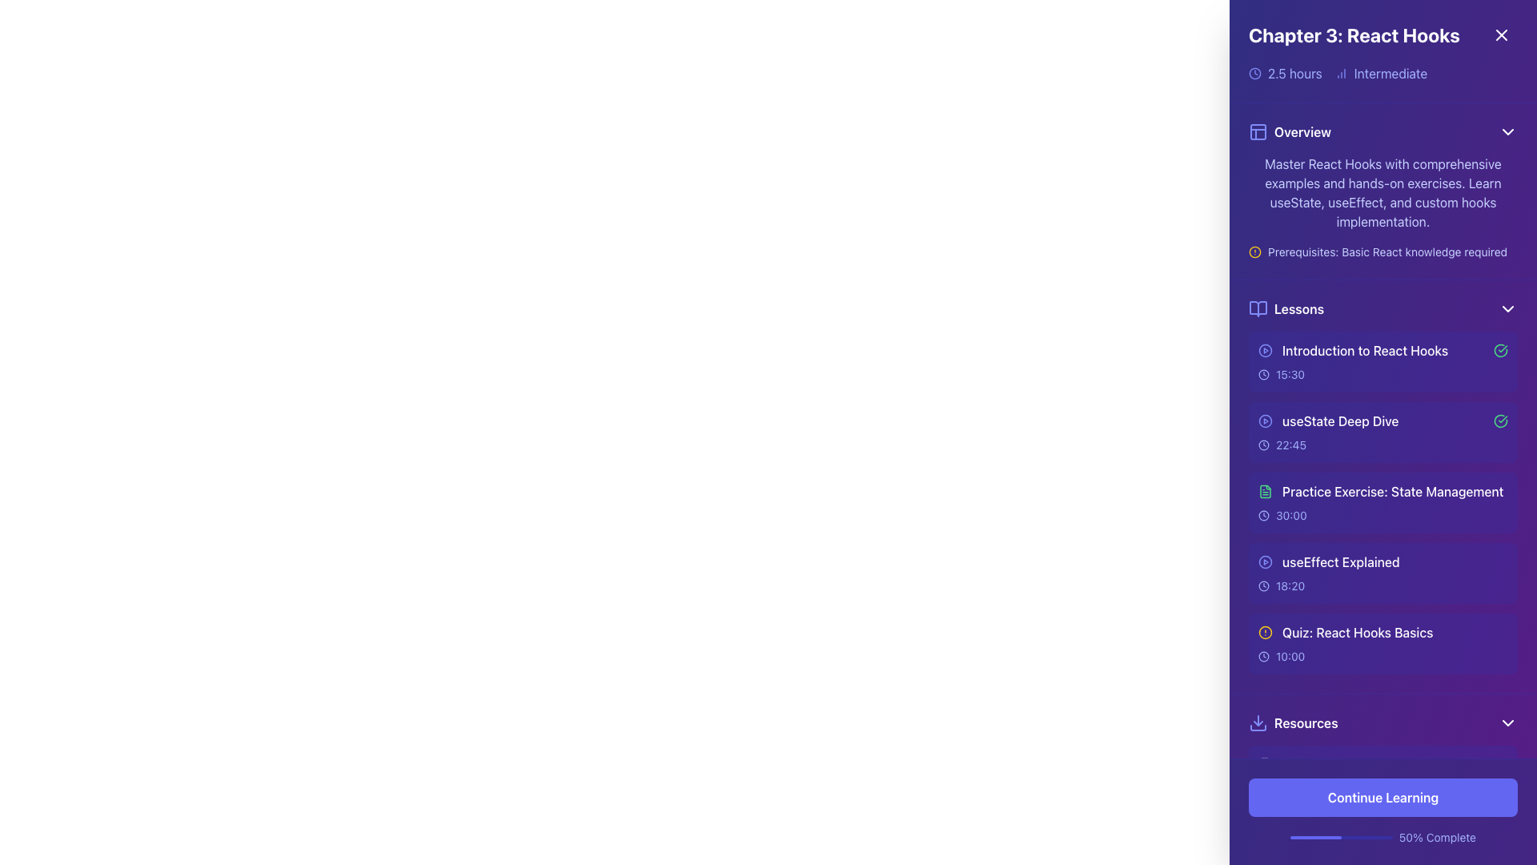 The height and width of the screenshot is (865, 1537). I want to click on text component labeled 'Prerequisites: Basic React knowledge required' which is located in the 'Overview' section of the sidebar interface, positioned above the 'Lessons' section header, so click(1387, 252).